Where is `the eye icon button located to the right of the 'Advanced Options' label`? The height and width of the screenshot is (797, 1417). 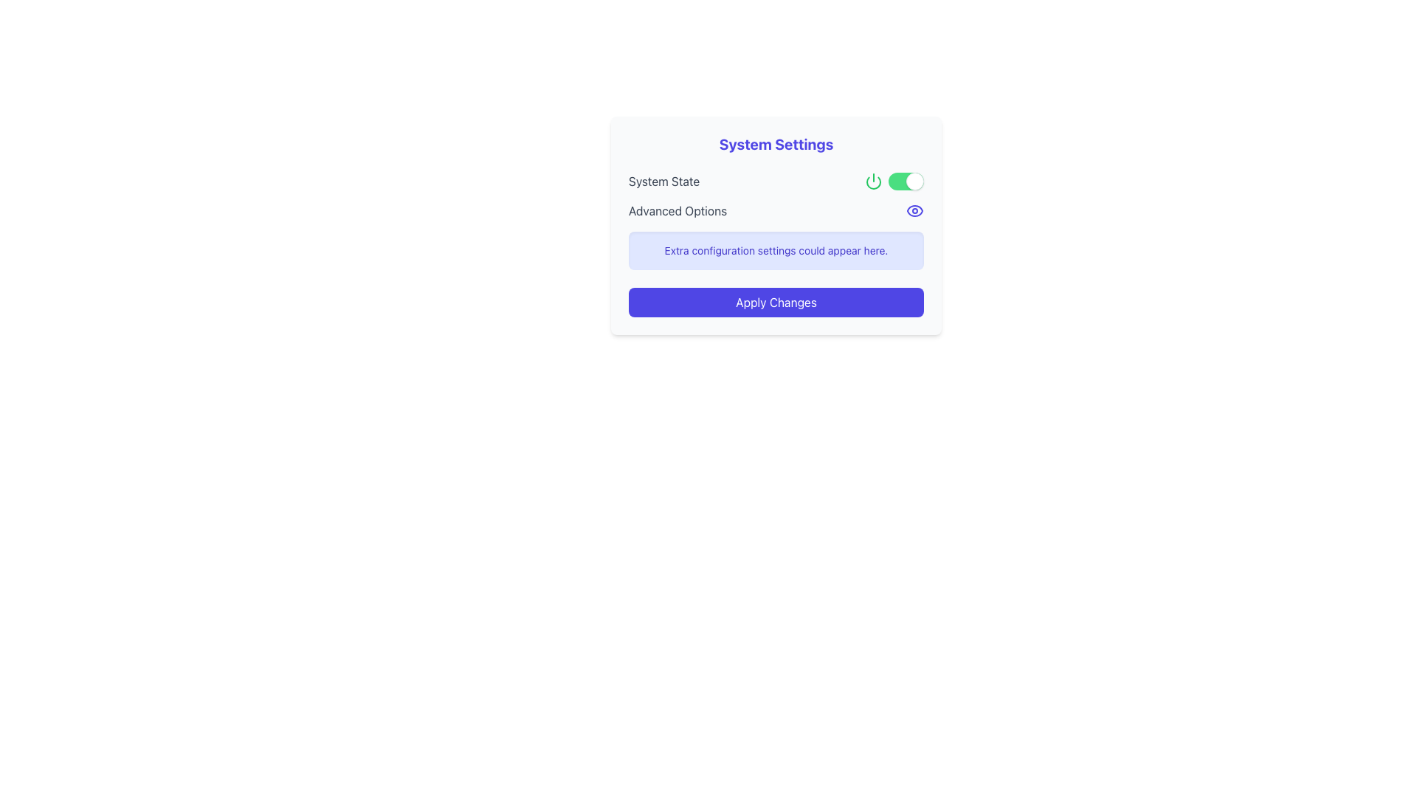 the eye icon button located to the right of the 'Advanced Options' label is located at coordinates (914, 210).